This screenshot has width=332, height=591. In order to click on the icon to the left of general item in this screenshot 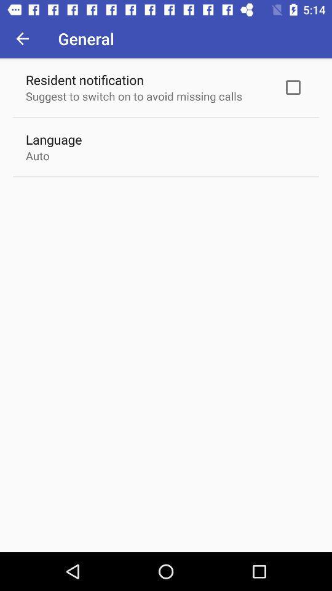, I will do `click(22, 38)`.